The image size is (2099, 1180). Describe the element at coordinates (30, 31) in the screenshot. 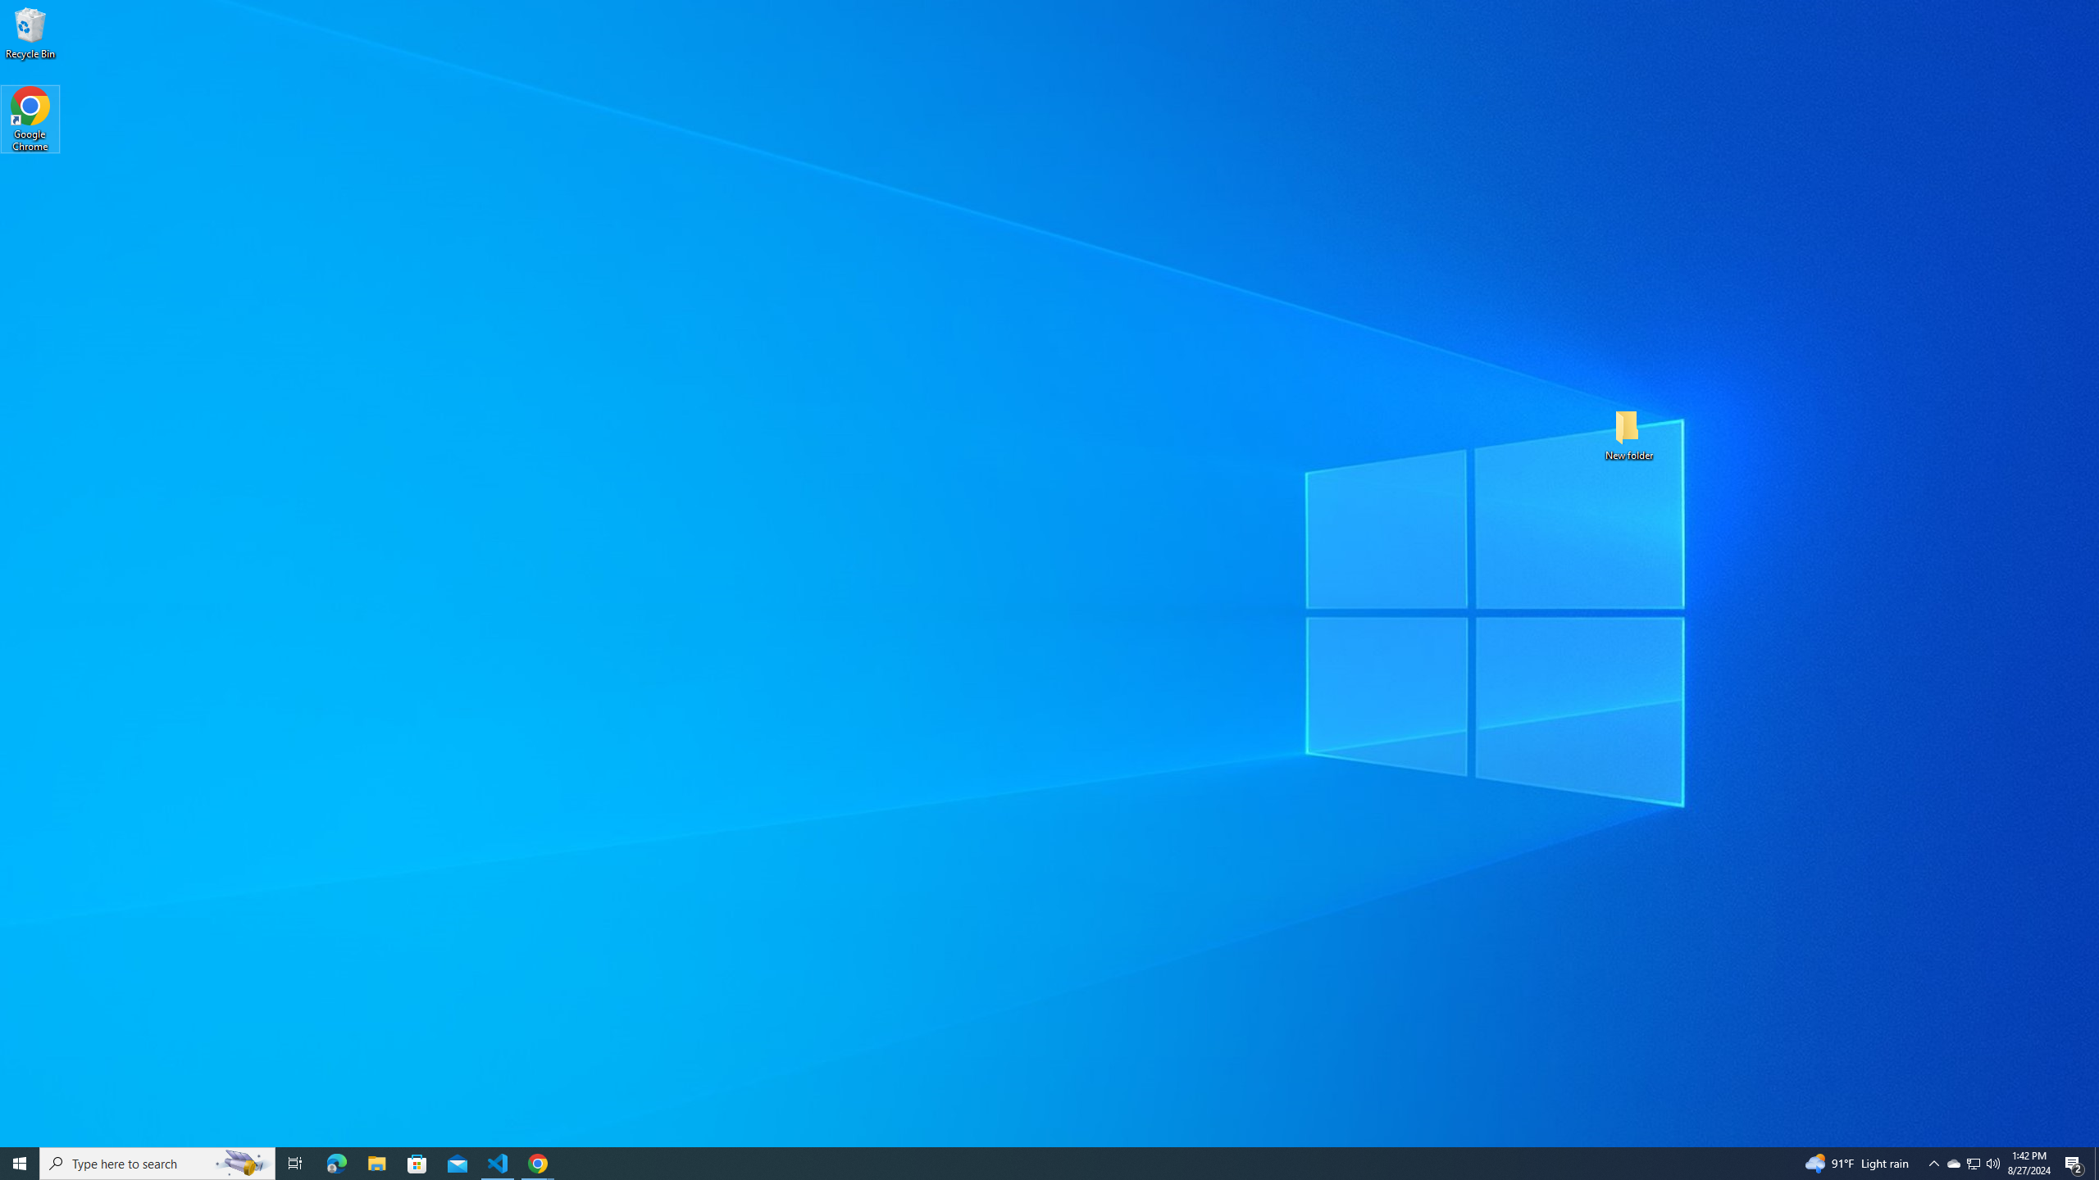

I see `'Recycle Bin'` at that location.